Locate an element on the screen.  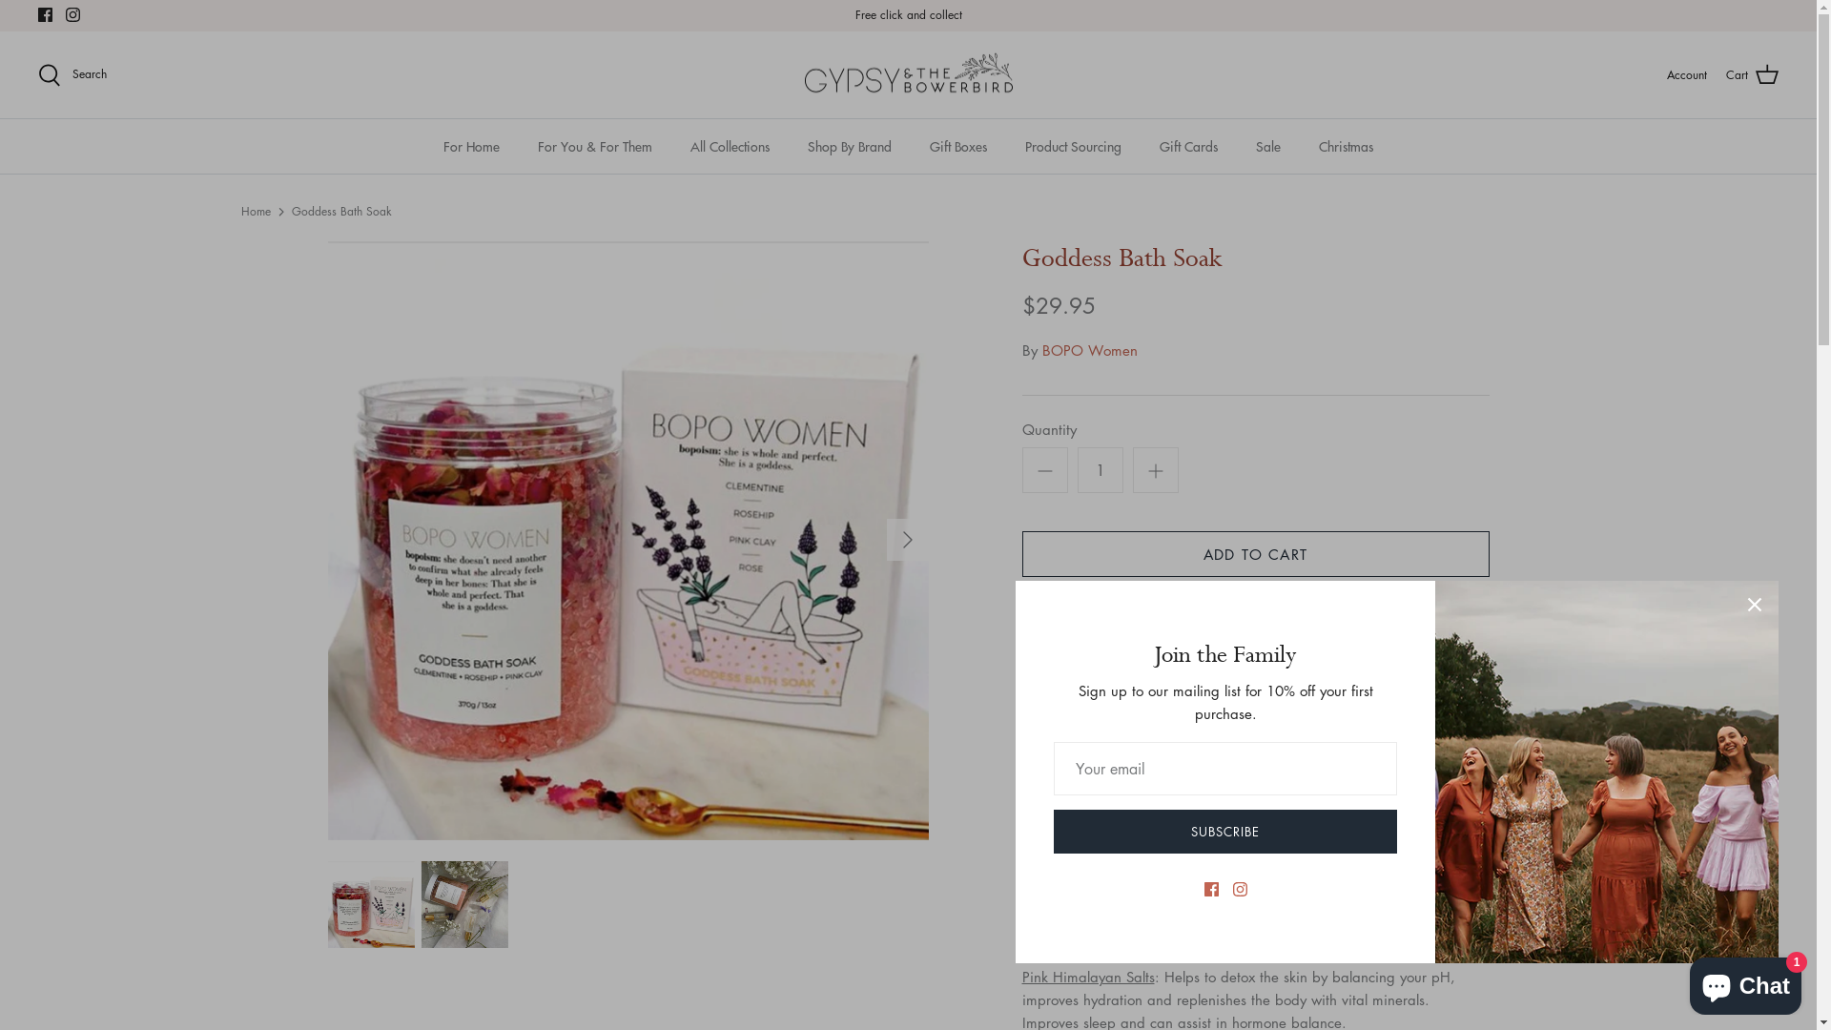
'More payment options' is located at coordinates (1255, 662).